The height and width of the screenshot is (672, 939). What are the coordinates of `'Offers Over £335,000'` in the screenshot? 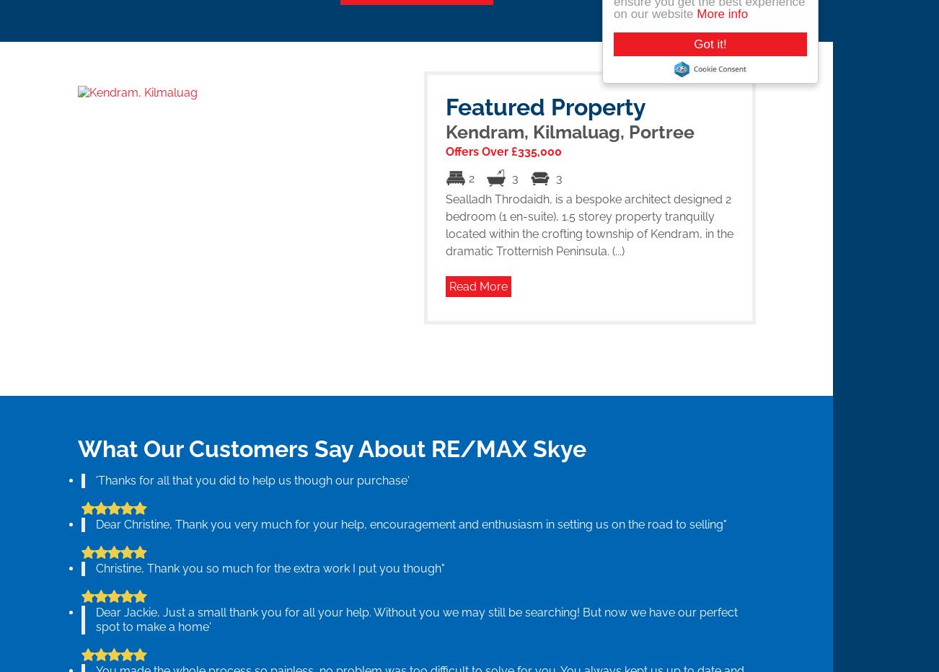 It's located at (502, 151).